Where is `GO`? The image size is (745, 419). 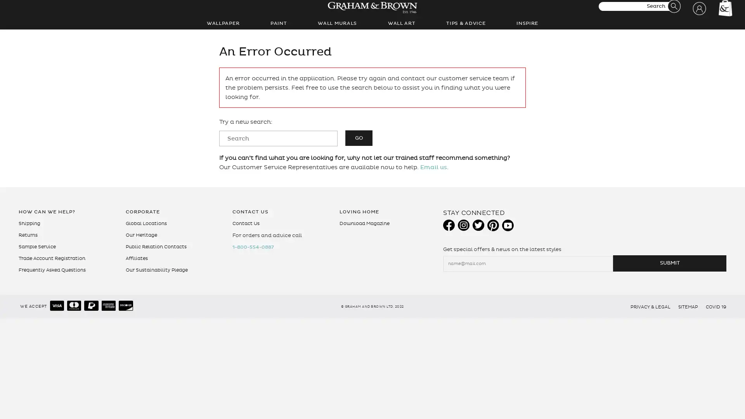 GO is located at coordinates (359, 137).